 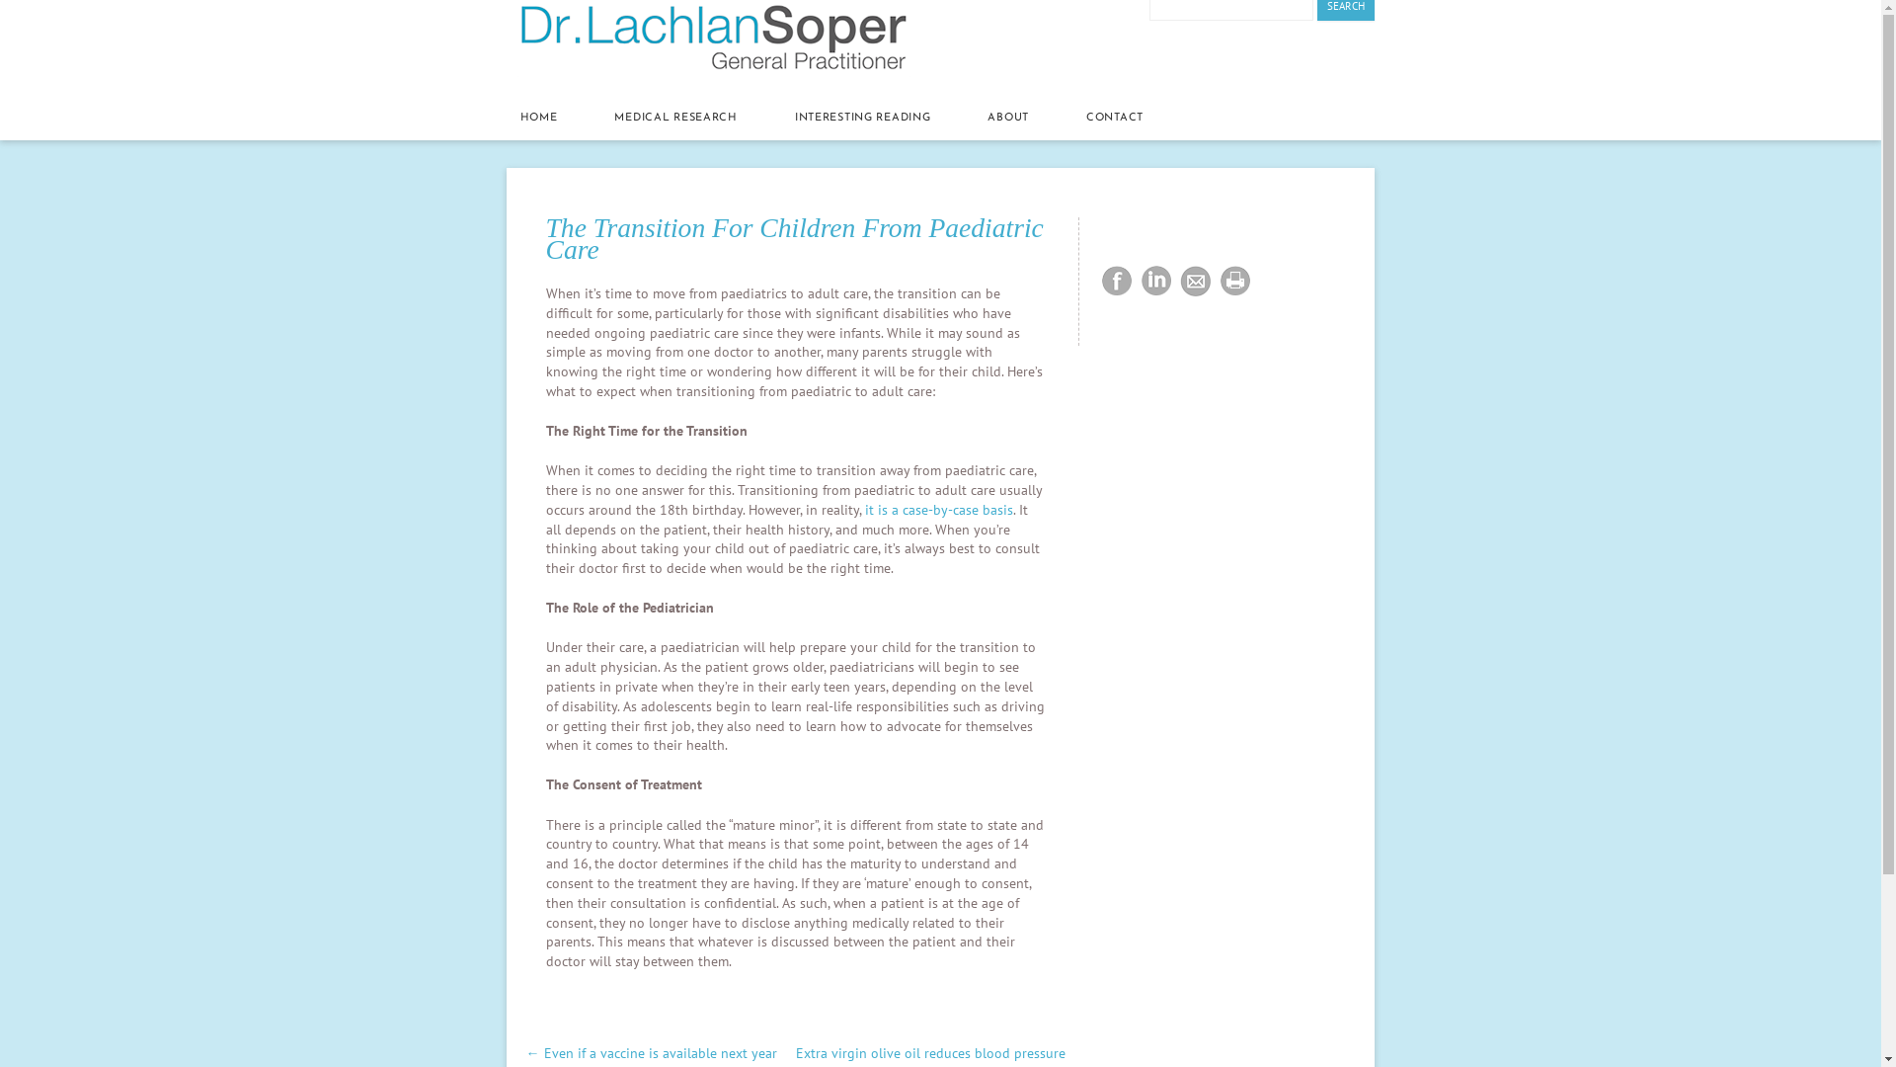 What do you see at coordinates (937, 509) in the screenshot?
I see `'it is a case-by-case basis'` at bounding box center [937, 509].